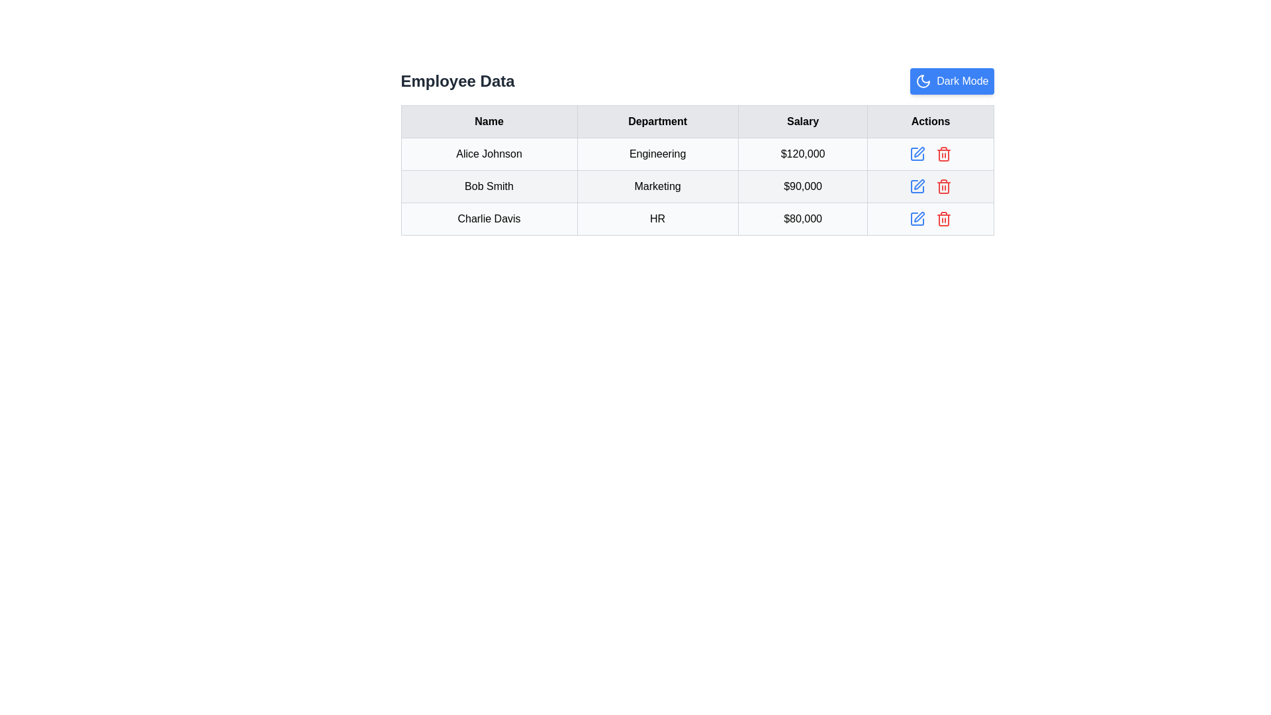  What do you see at coordinates (918, 152) in the screenshot?
I see `the edit icon button located in the 'Actions' column for the 'Alice Johnson' record under the 'Engineering' department` at bounding box center [918, 152].